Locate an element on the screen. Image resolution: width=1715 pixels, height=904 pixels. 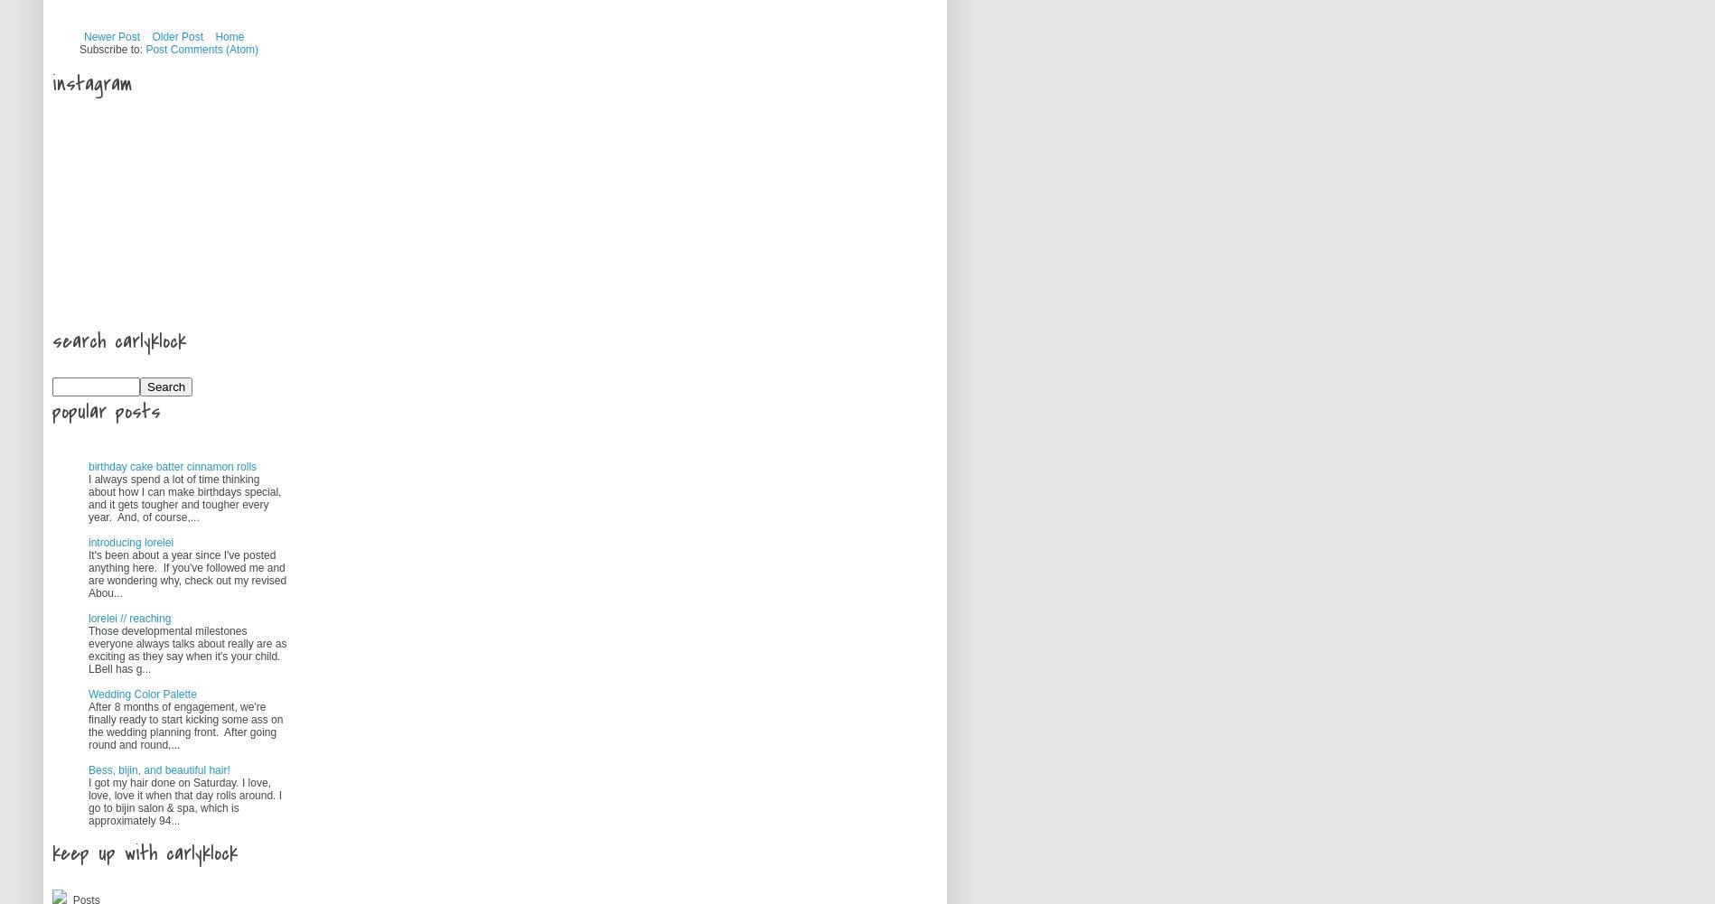
'Older Post' is located at coordinates (176, 37).